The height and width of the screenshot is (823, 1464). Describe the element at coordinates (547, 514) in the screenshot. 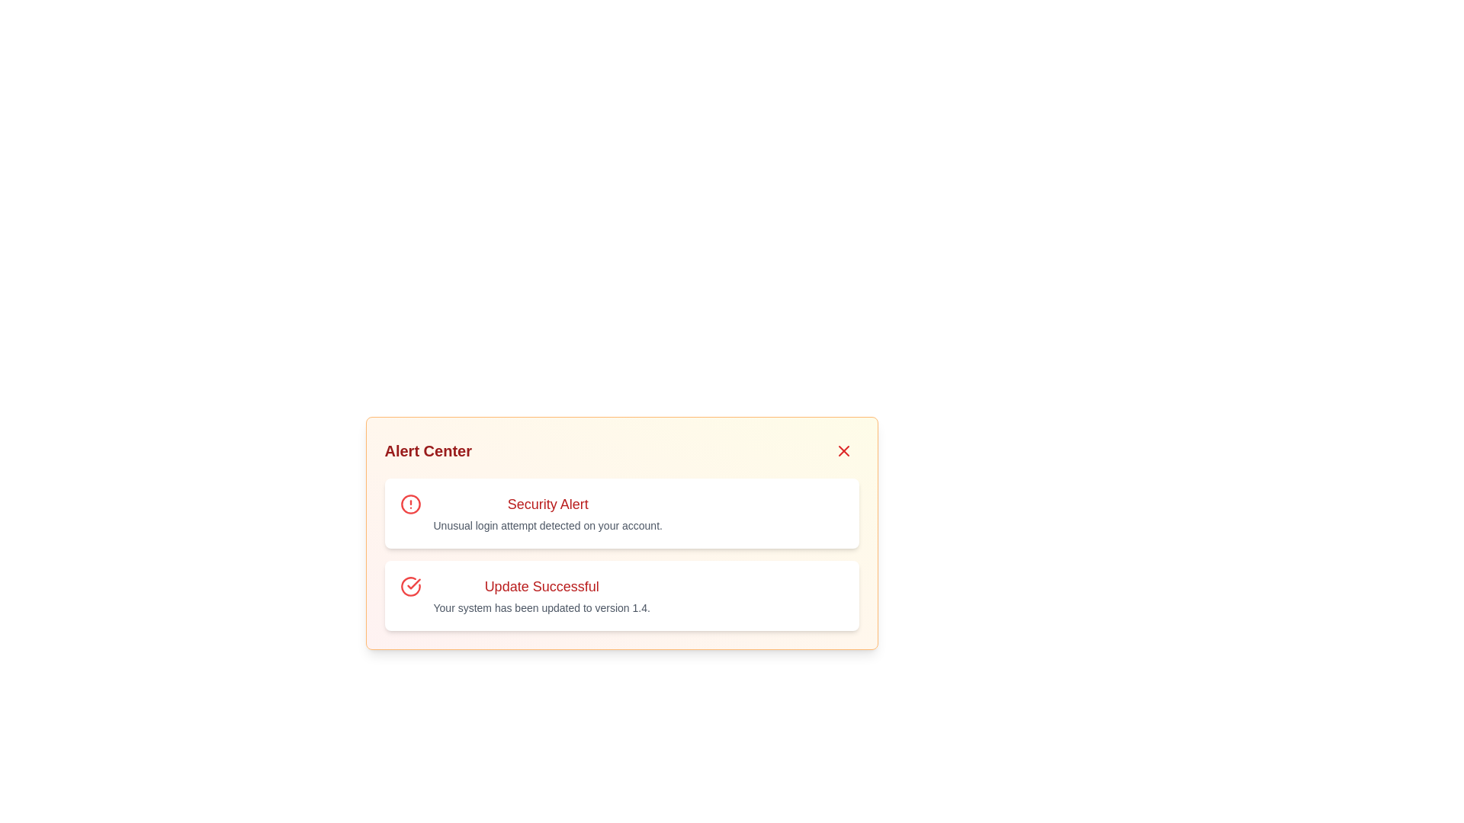

I see `the textual notification block alerting the user about an unusual login attempt, which is the first item in the Alert Center panel` at that location.